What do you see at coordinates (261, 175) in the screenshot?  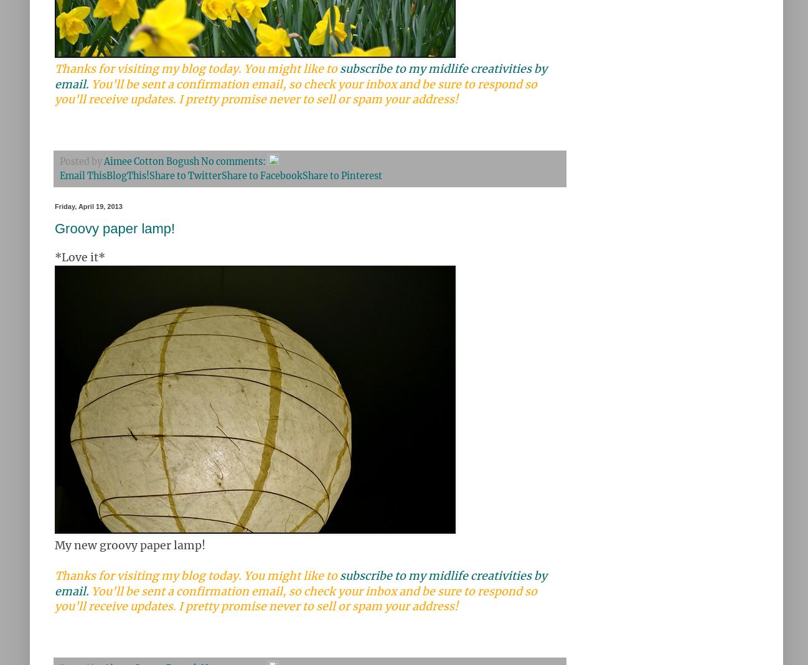 I see `'Share to Facebook'` at bounding box center [261, 175].